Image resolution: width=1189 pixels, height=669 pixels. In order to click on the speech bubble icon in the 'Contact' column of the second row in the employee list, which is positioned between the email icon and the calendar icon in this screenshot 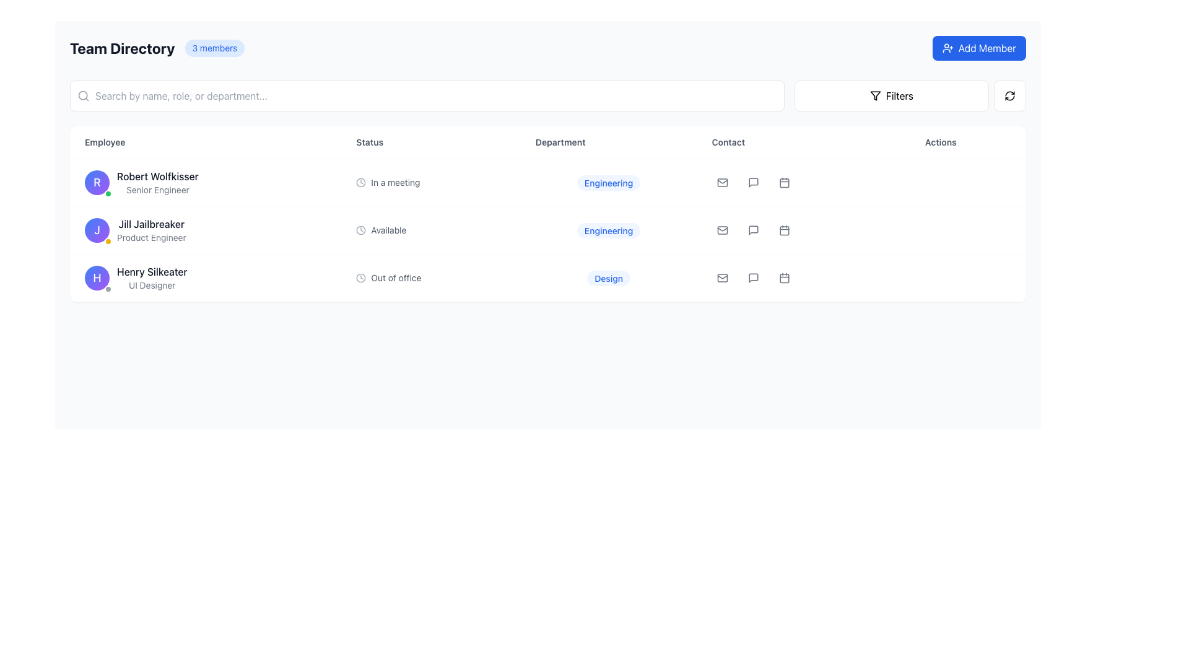, I will do `click(752, 182)`.